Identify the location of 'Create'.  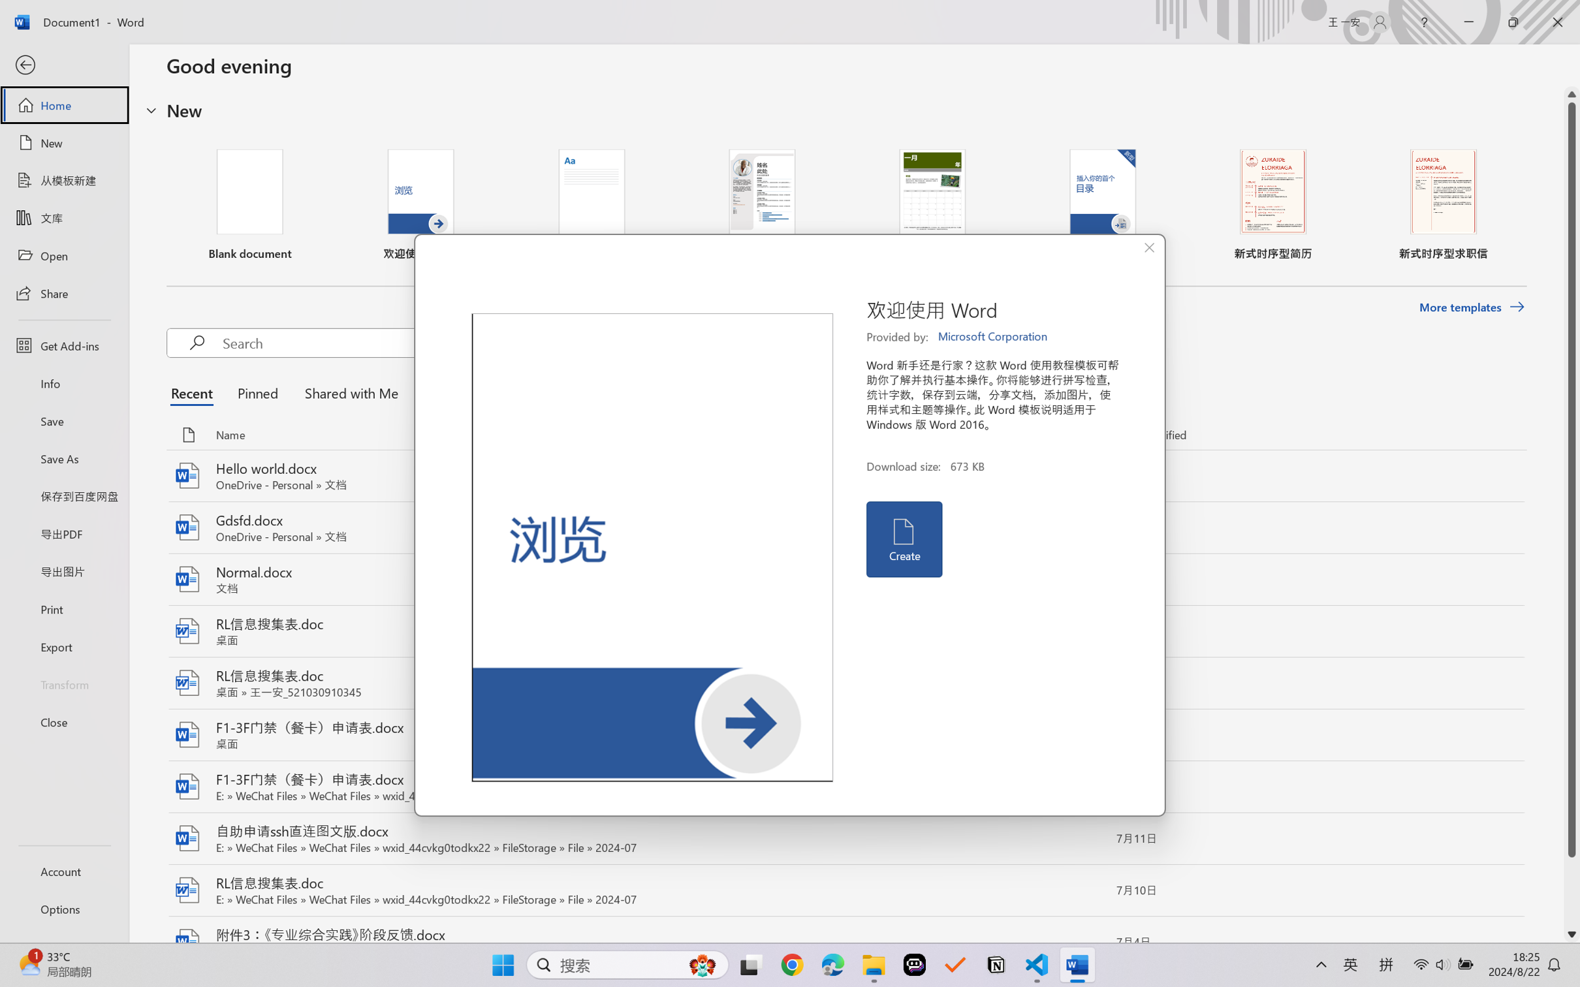
(903, 539).